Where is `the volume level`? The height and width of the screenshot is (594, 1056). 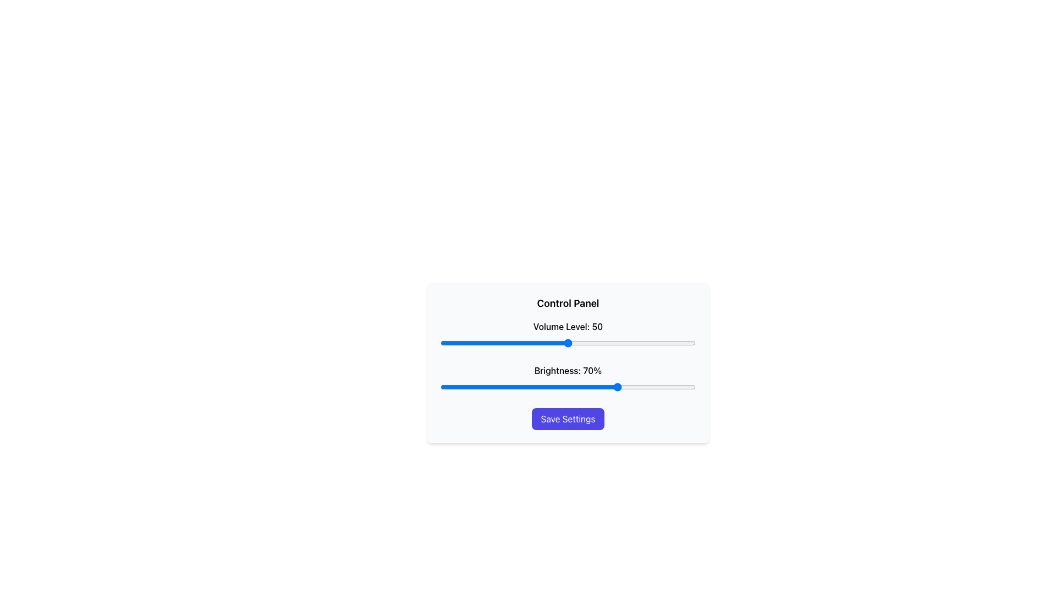
the volume level is located at coordinates (669, 343).